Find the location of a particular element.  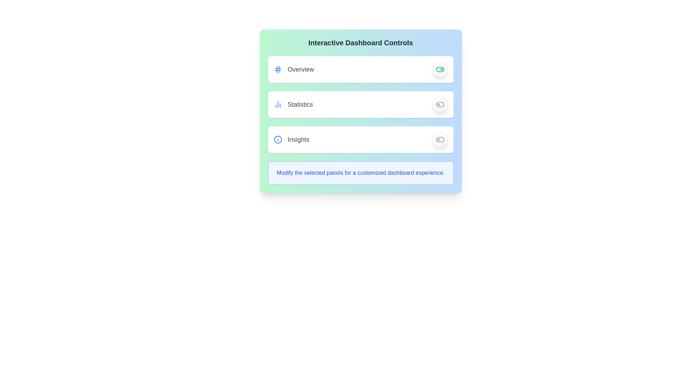

the toggle switch handle on the left side of the oval-shaped toggle switch for the 'Insights' section is located at coordinates (440, 139).